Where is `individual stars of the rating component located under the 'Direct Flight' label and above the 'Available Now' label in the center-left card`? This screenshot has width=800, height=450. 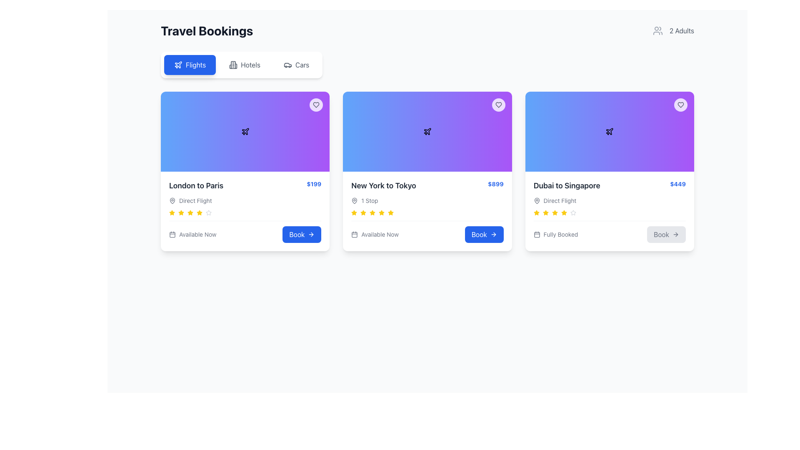
individual stars of the rating component located under the 'Direct Flight' label and above the 'Available Now' label in the center-left card is located at coordinates (245, 212).